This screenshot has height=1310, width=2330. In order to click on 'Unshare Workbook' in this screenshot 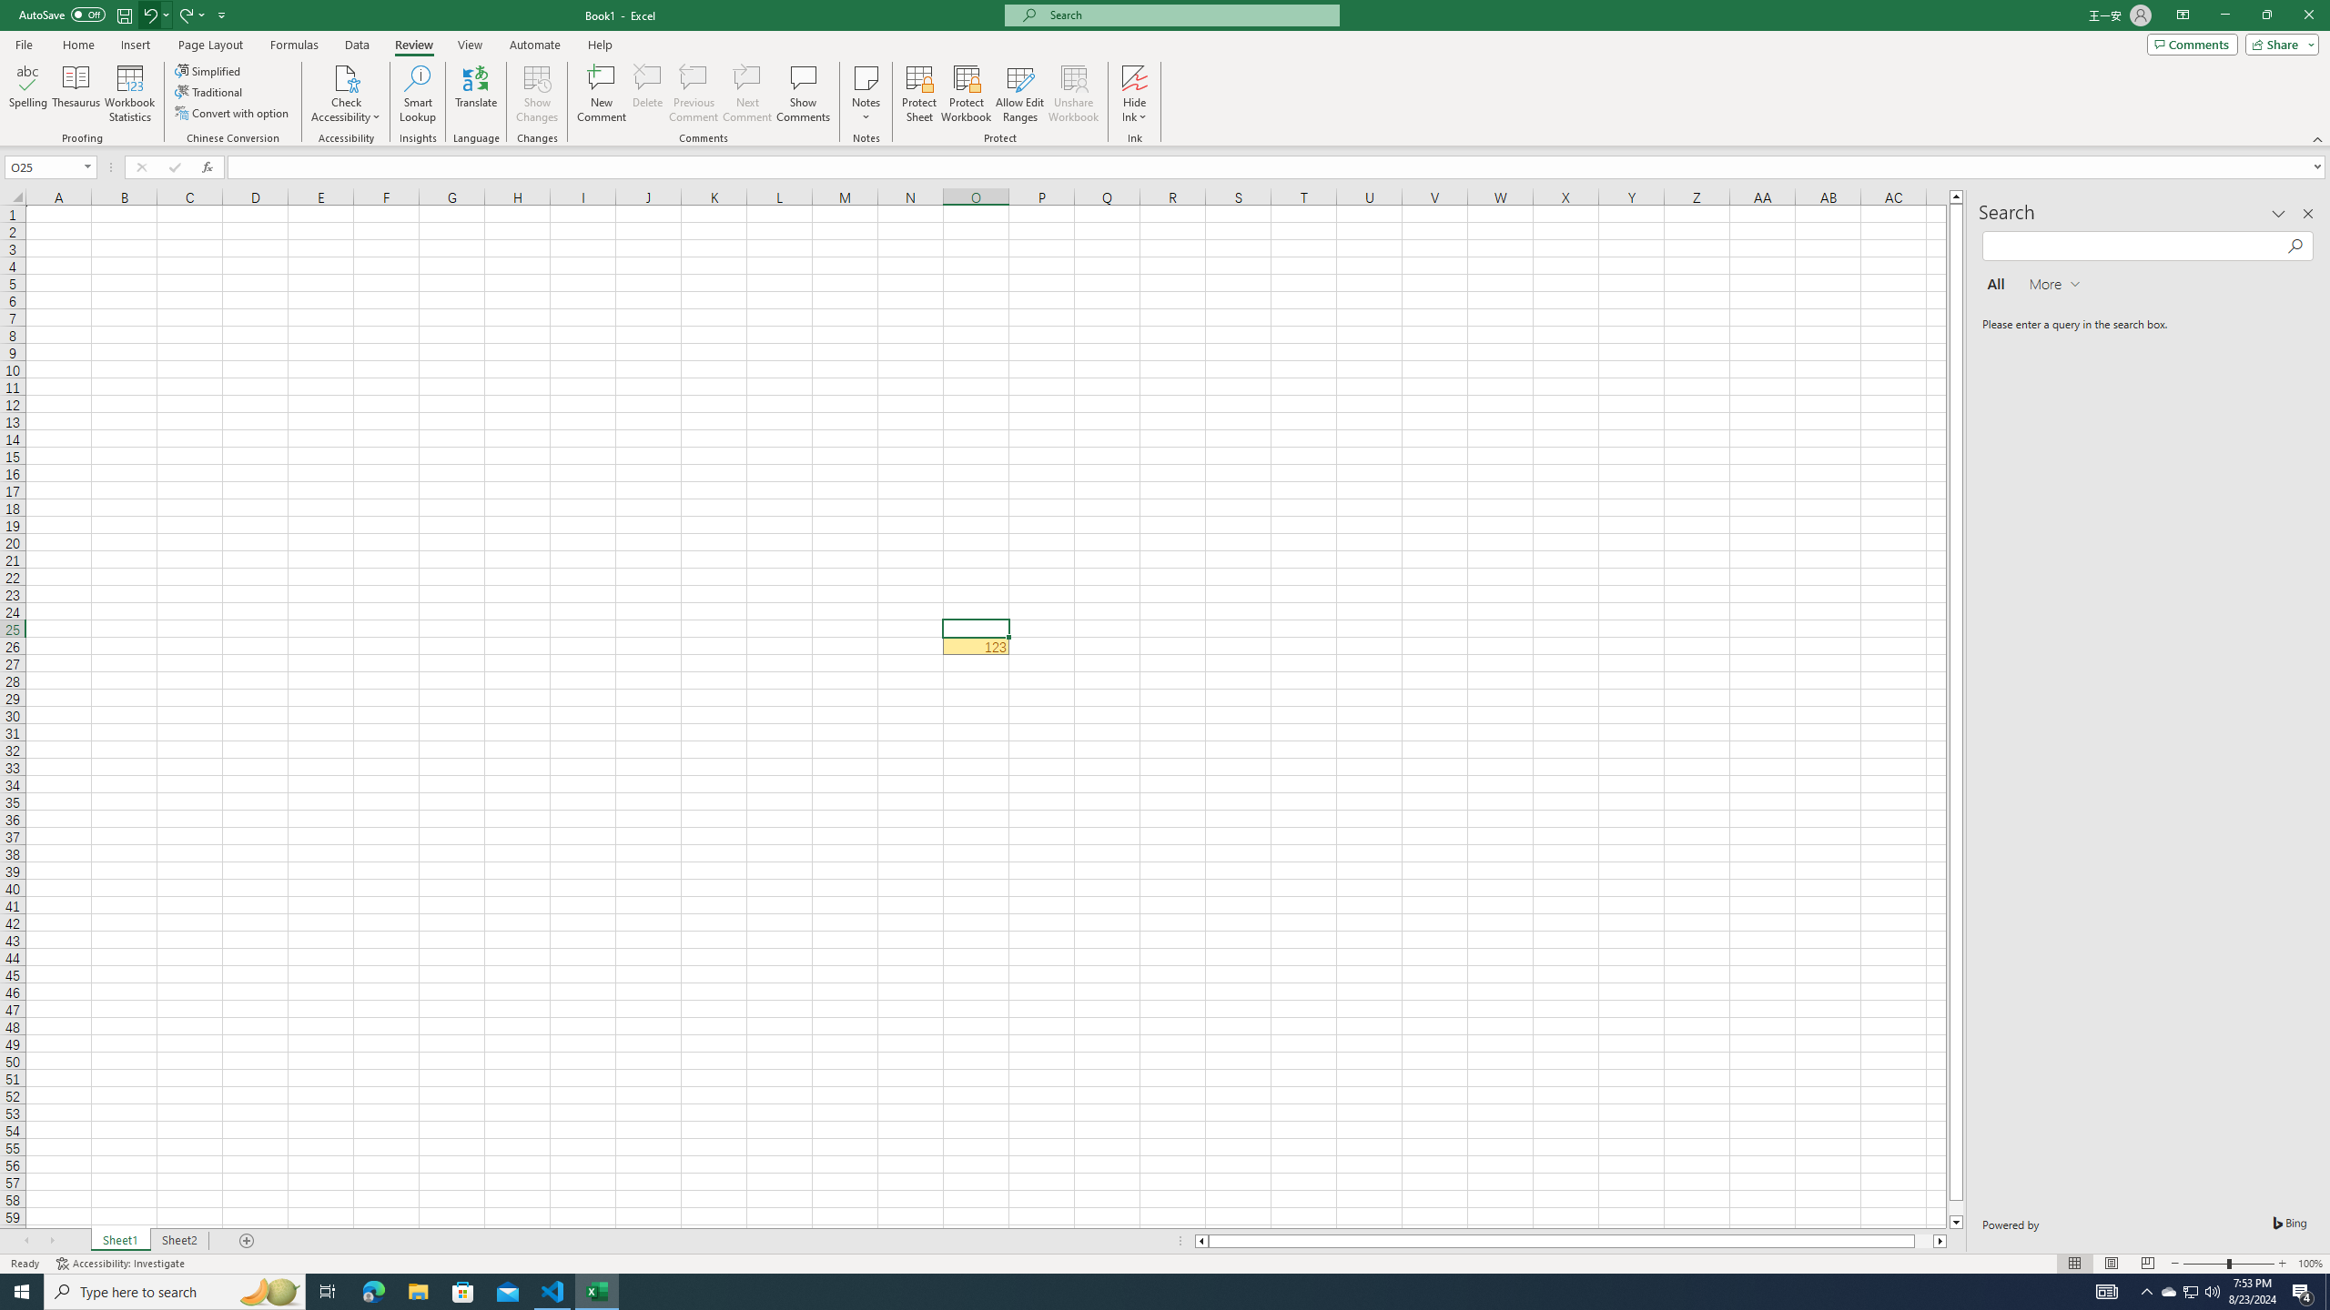, I will do `click(1073, 94)`.